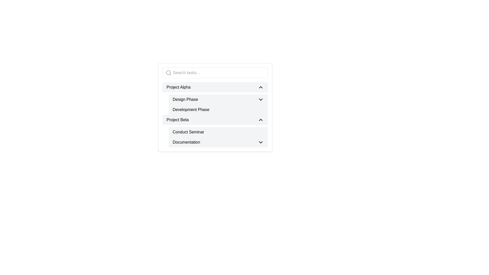 Image resolution: width=489 pixels, height=275 pixels. Describe the element at coordinates (218, 132) in the screenshot. I see `the first list item under the 'Project Beta' category related to 'Conduct Seminar'` at that location.